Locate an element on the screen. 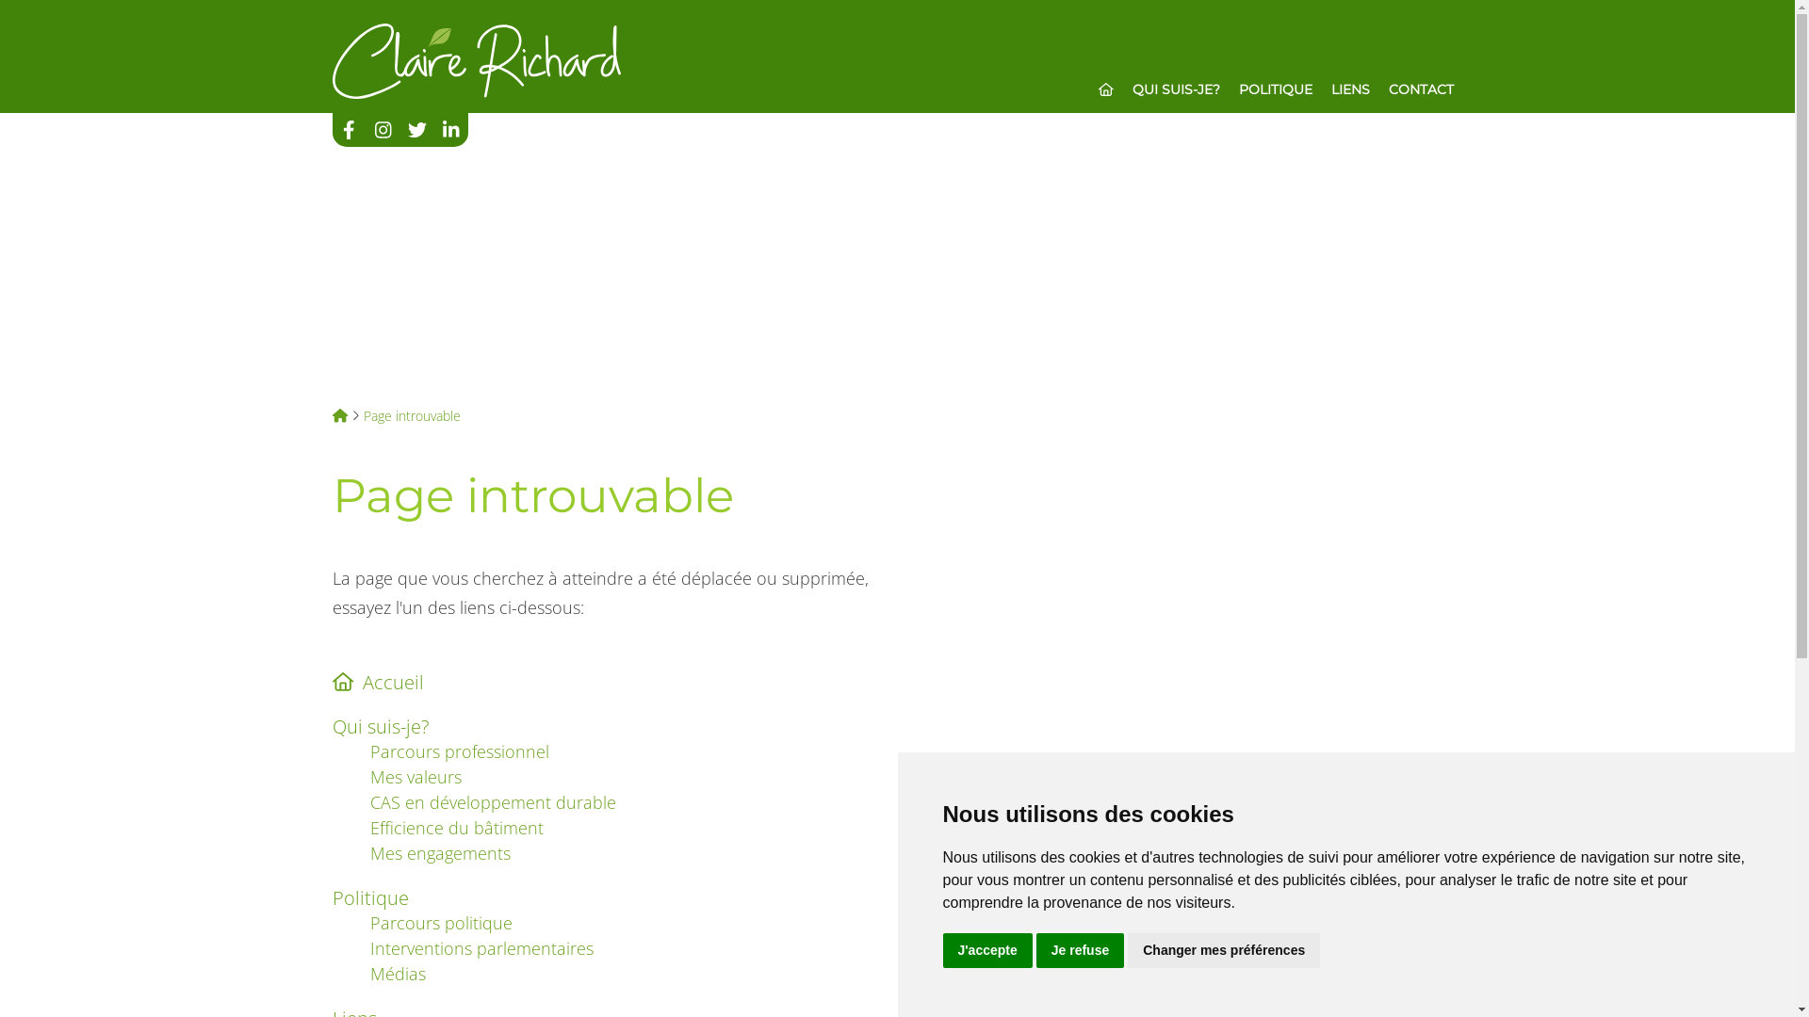 The width and height of the screenshot is (1809, 1017). 'Mes valeurs' is located at coordinates (414, 777).